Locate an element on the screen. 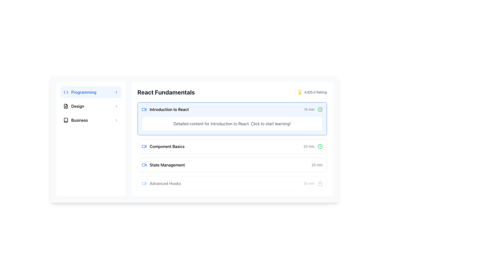 Image resolution: width=481 pixels, height=270 pixels. the 'Design' button located in the vertical navigation menu on the left sidebar, positioned between 'Programming' and 'Business' is located at coordinates (91, 106).